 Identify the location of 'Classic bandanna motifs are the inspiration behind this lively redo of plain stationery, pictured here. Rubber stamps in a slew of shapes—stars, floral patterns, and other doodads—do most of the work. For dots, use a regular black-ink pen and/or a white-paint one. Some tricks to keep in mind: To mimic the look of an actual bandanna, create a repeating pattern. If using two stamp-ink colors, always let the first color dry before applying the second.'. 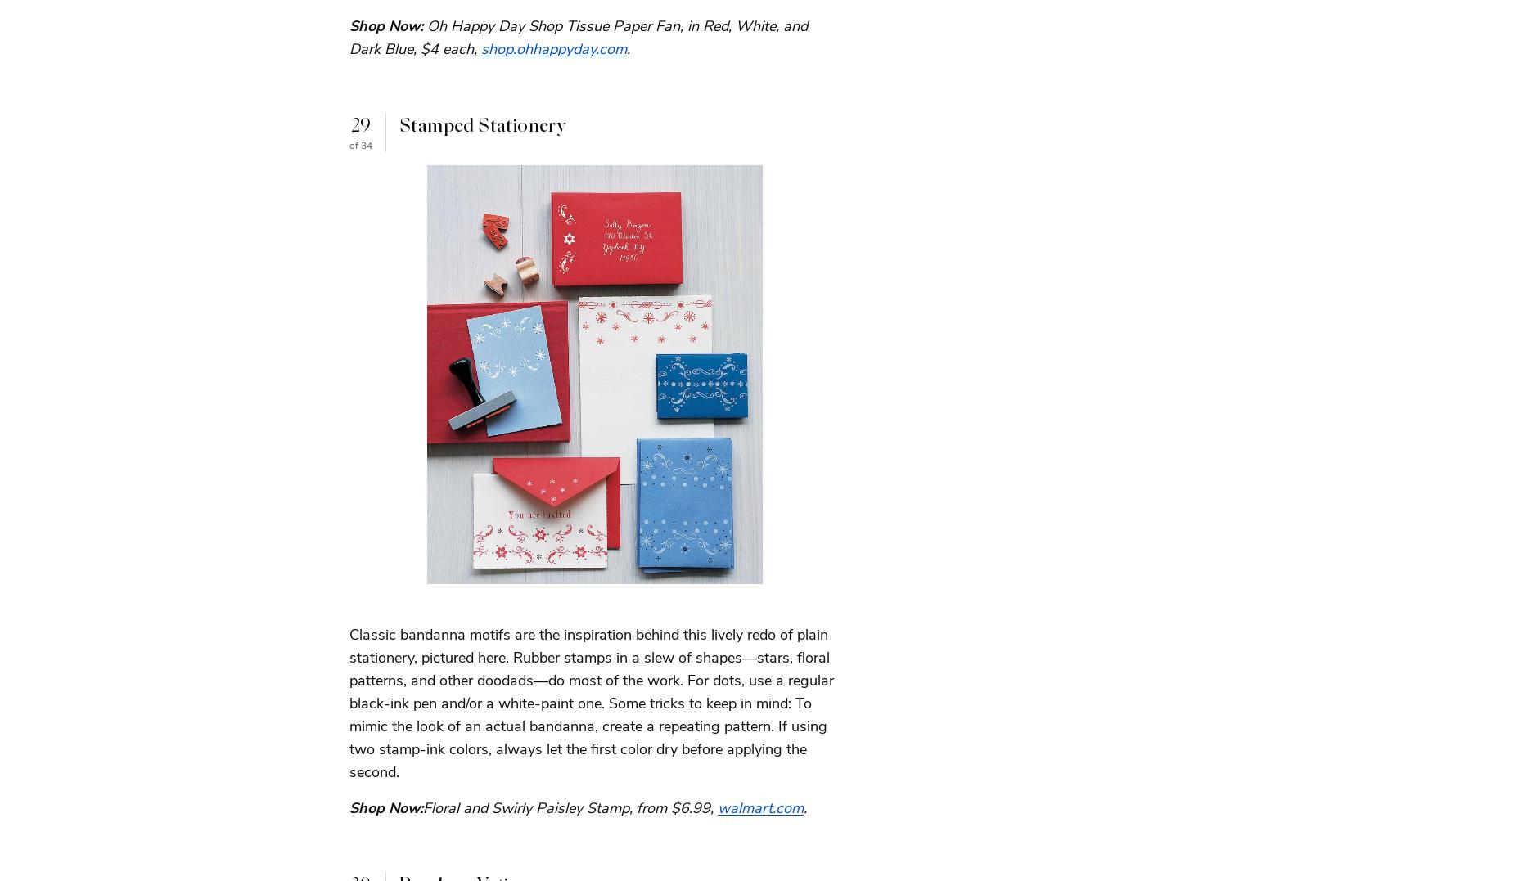
(591, 702).